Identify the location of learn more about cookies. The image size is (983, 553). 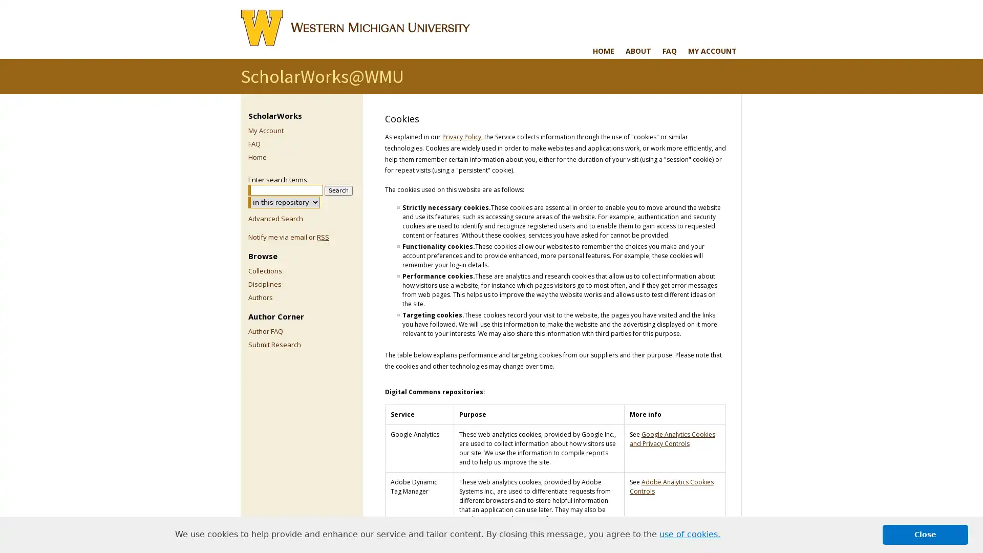
(690, 534).